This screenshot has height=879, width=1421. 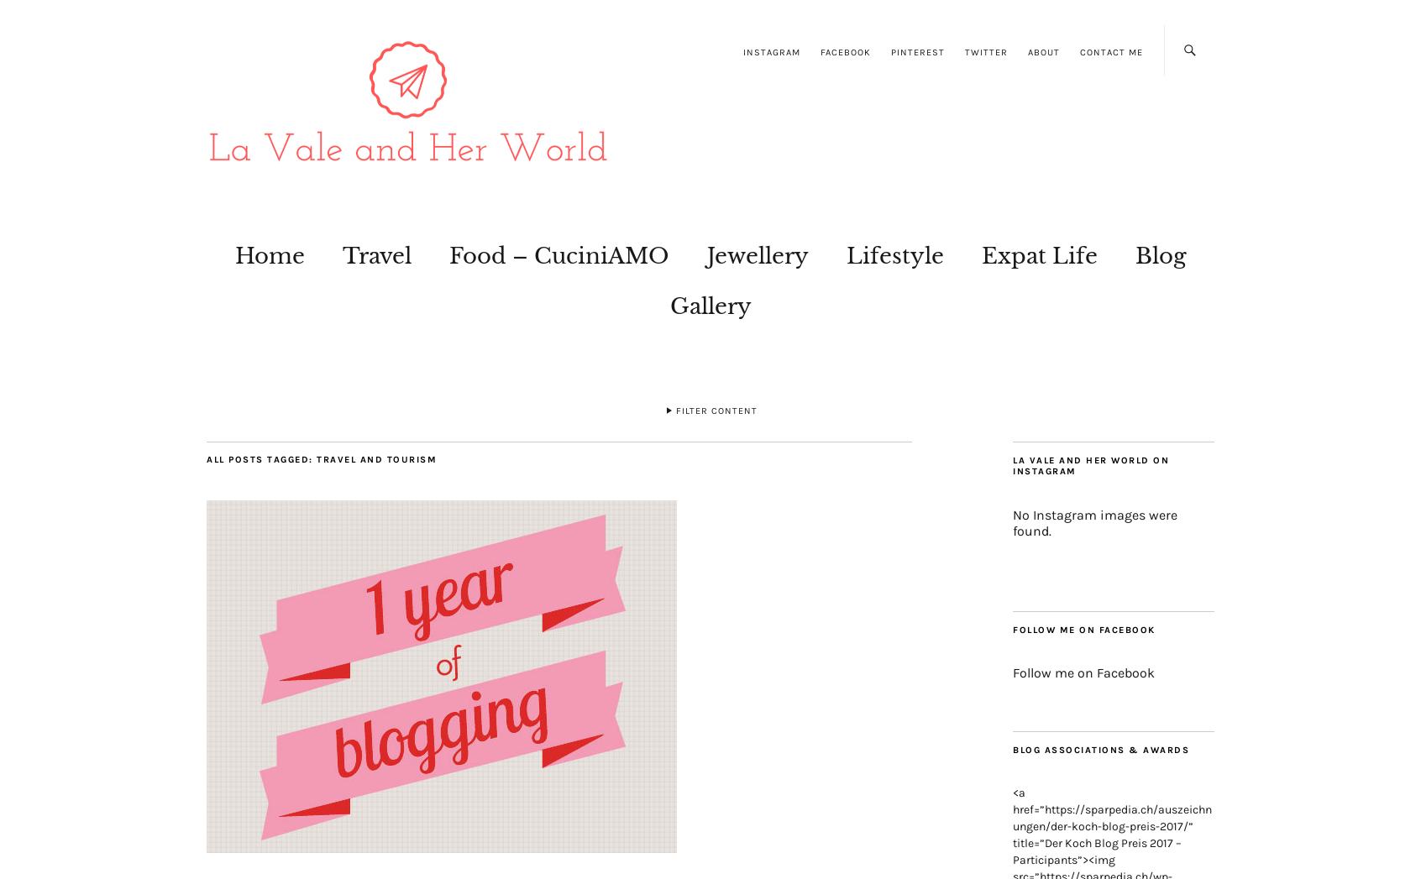 I want to click on 'Instagram', so click(x=771, y=52).